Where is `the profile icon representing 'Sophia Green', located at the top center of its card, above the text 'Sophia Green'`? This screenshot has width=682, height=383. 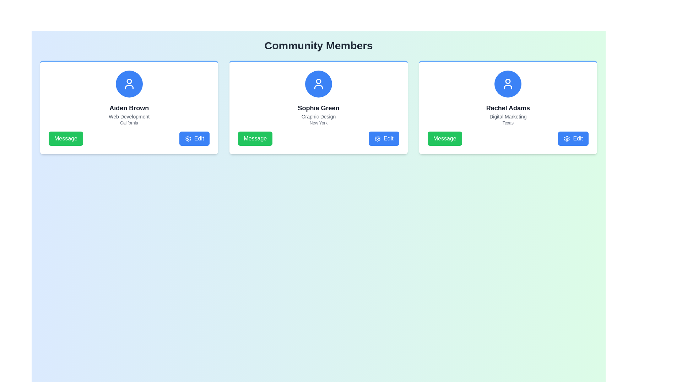
the profile icon representing 'Sophia Green', located at the top center of its card, above the text 'Sophia Green' is located at coordinates (318, 83).